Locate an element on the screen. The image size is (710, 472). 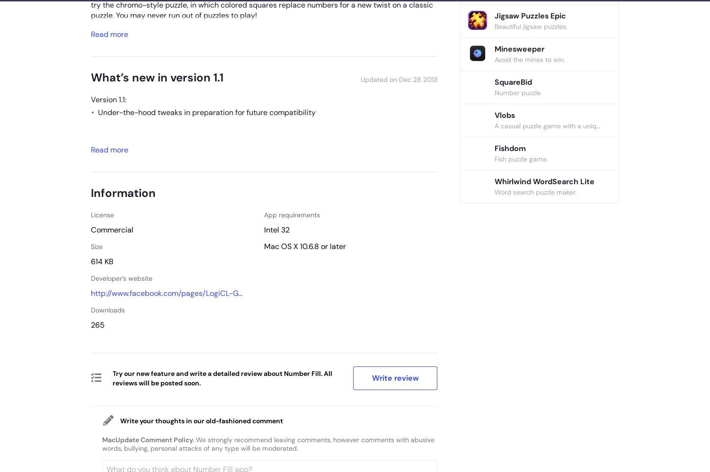
'Dec 28 2013' is located at coordinates (418, 79).